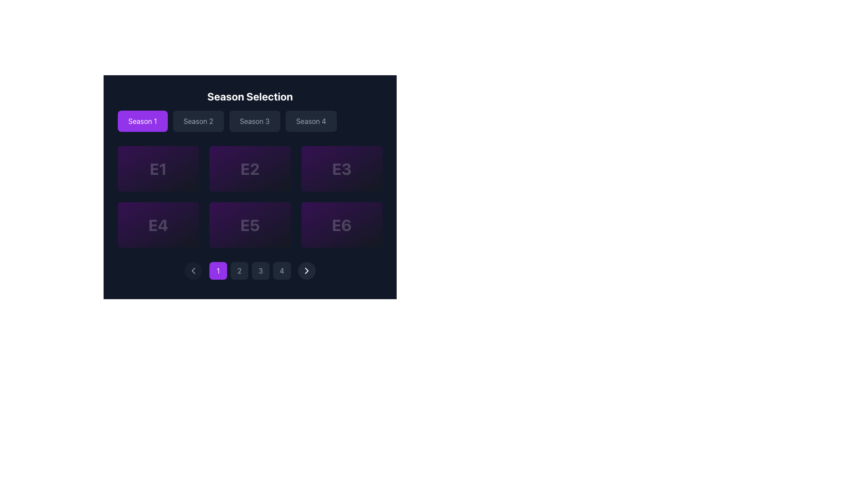 The width and height of the screenshot is (850, 478). I want to click on the group of selectable buttons labeled 'Season 1' through 'Season 4', so click(250, 121).